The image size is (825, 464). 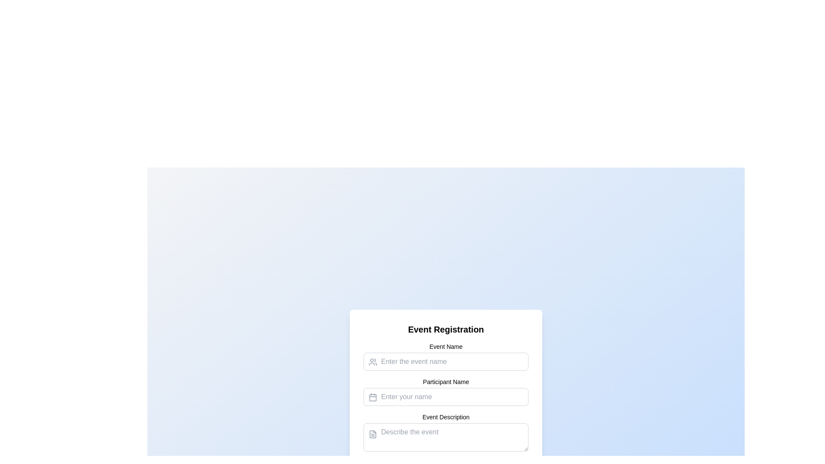 What do you see at coordinates (373, 434) in the screenshot?
I see `the small gray document icon located to the left of the 'Describe the event' input field` at bounding box center [373, 434].